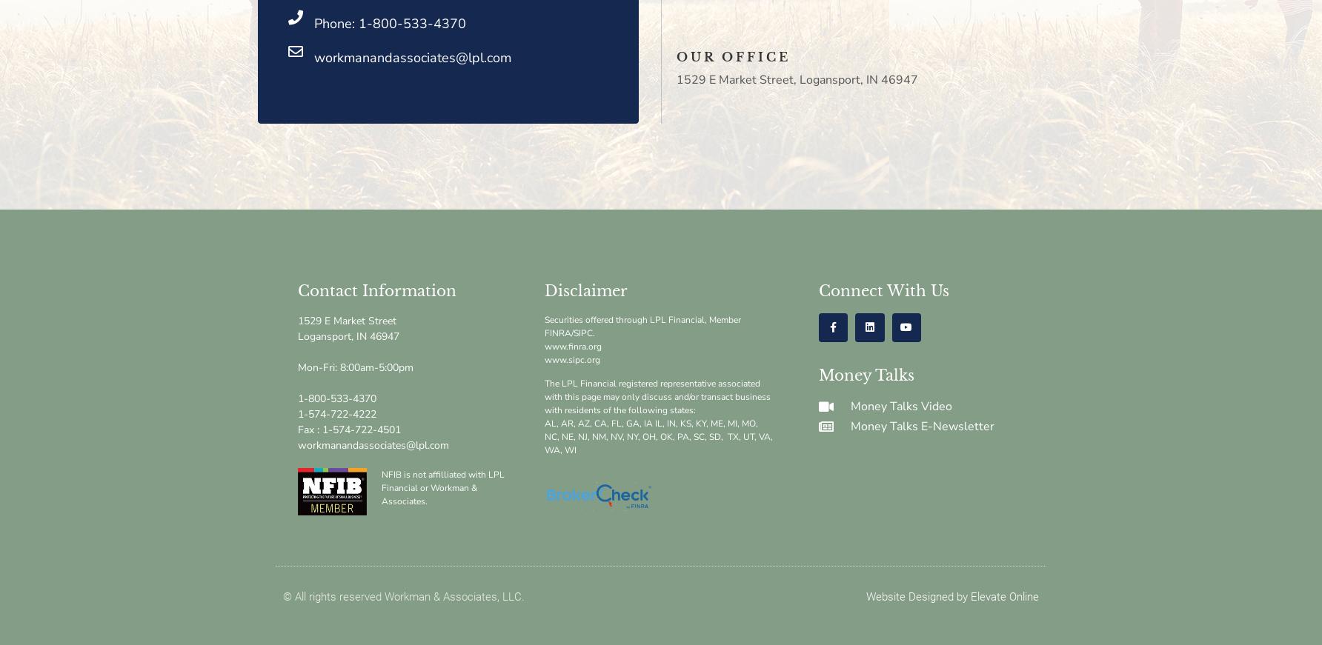 Image resolution: width=1322 pixels, height=645 pixels. Describe the element at coordinates (348, 335) in the screenshot. I see `'Logansport, IN 46947'` at that location.